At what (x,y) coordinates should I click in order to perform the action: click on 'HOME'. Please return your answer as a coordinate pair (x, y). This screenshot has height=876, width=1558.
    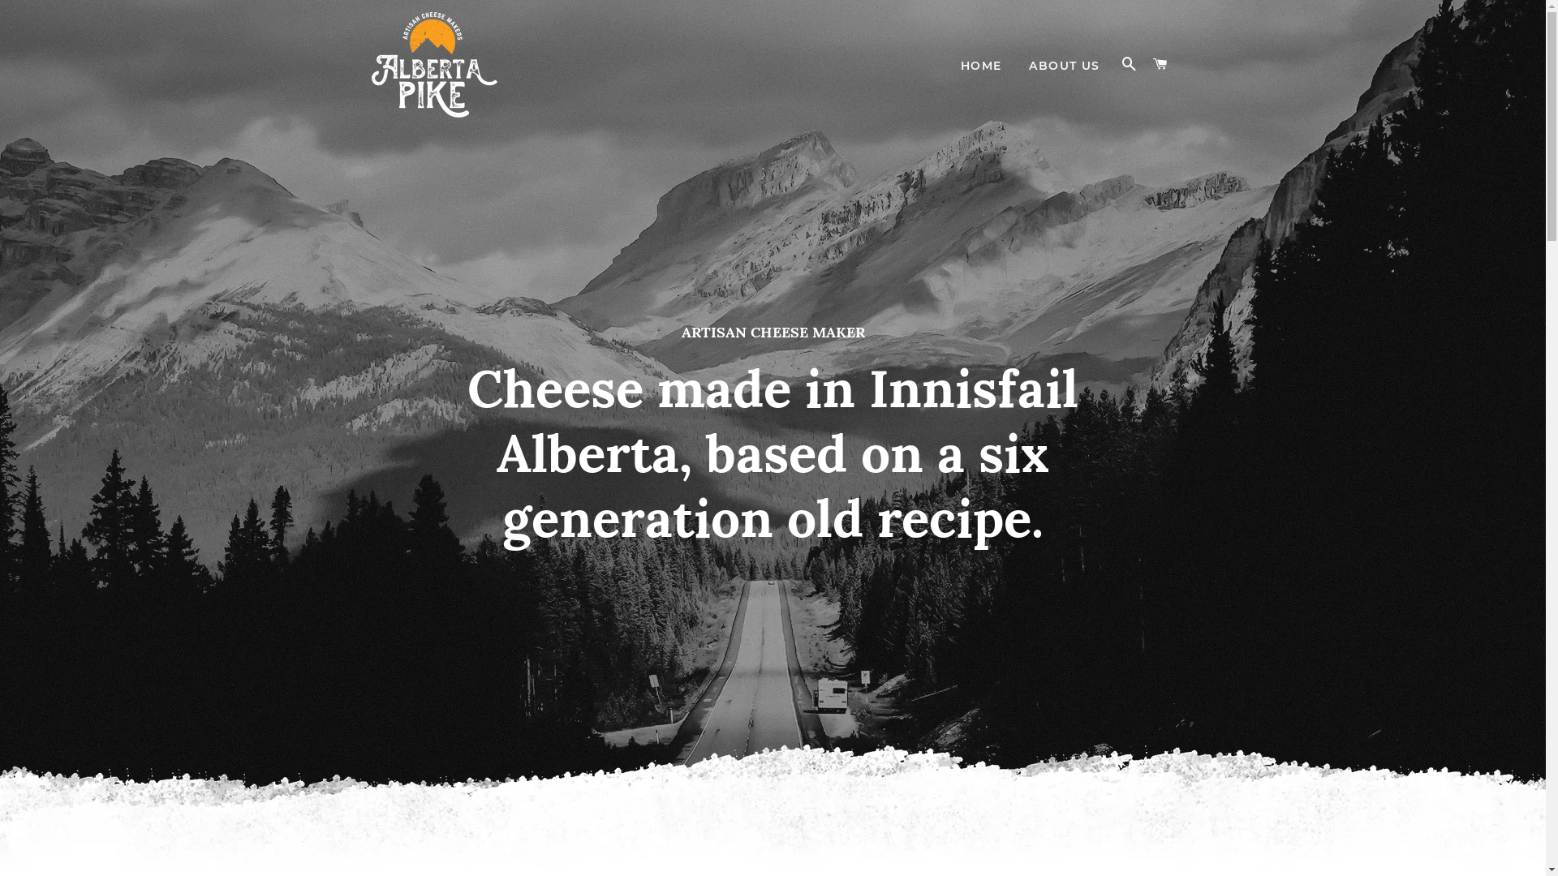
    Looking at the image, I should click on (980, 65).